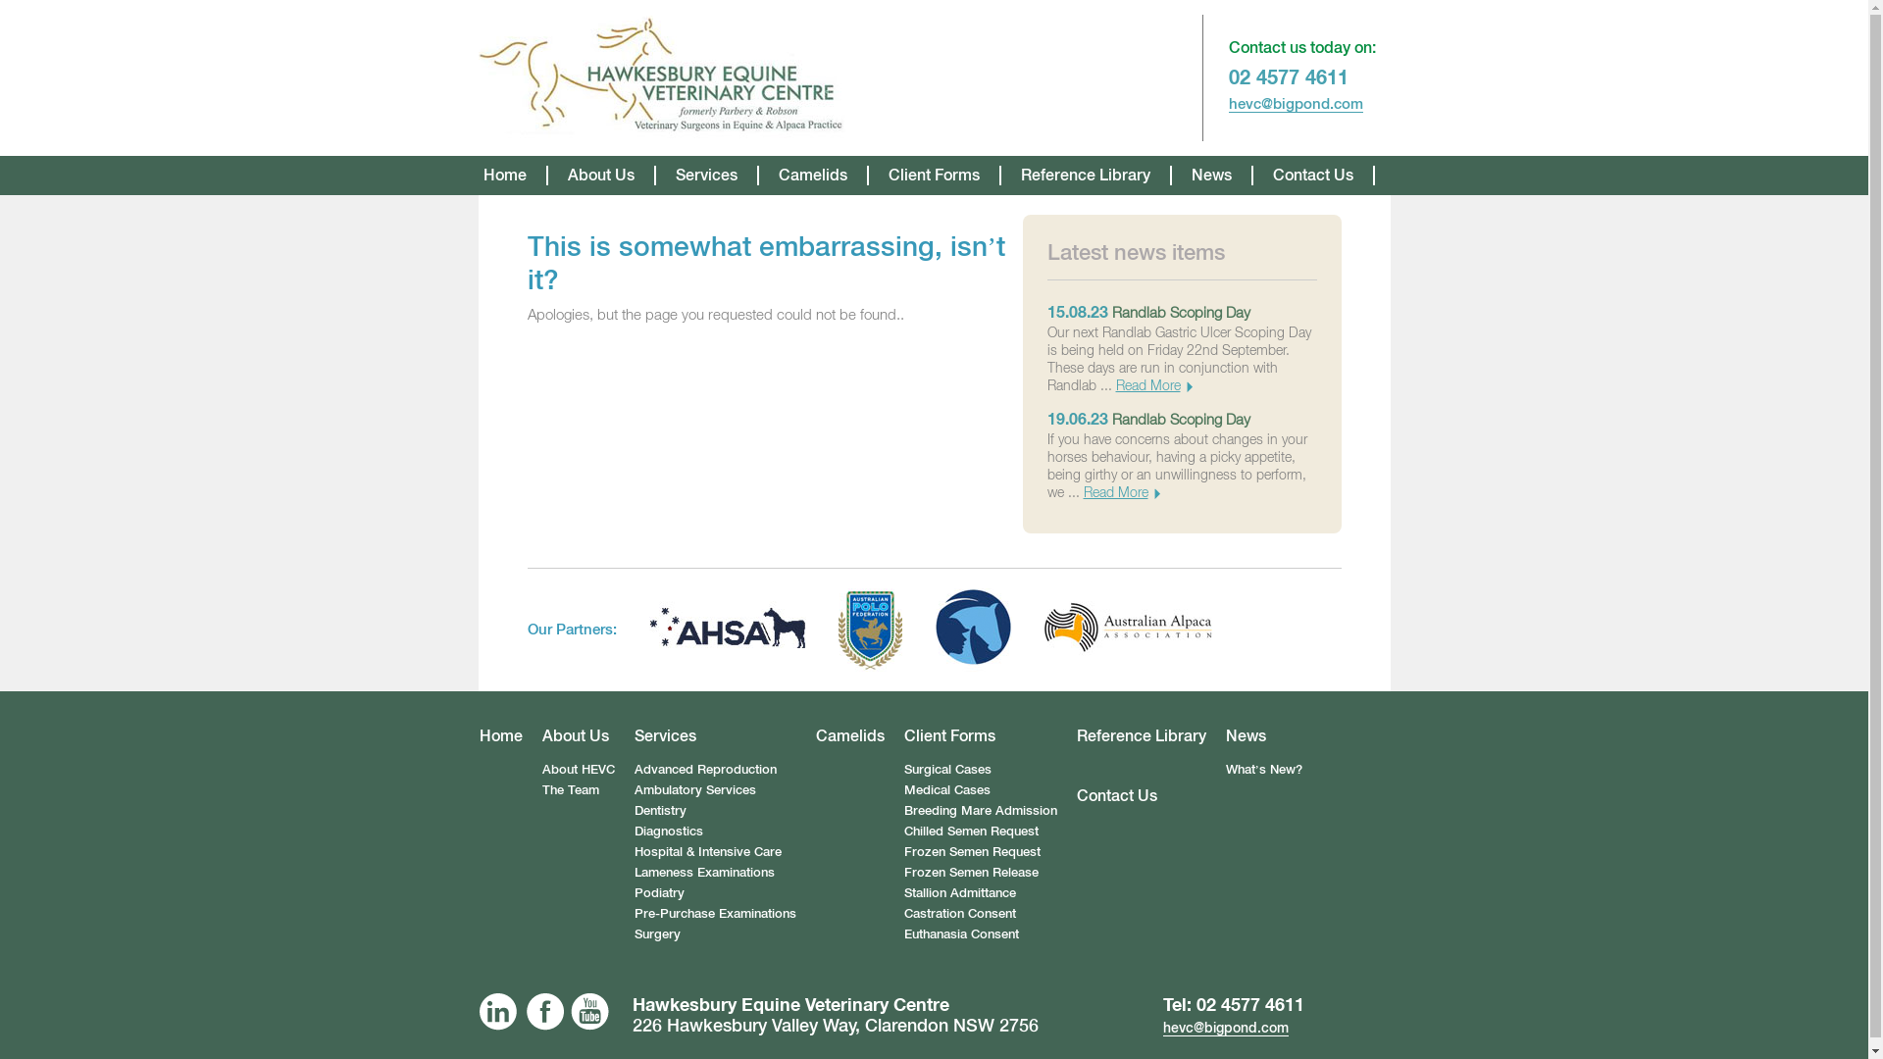 This screenshot has width=1883, height=1059. What do you see at coordinates (970, 831) in the screenshot?
I see `'Chilled Semen Request'` at bounding box center [970, 831].